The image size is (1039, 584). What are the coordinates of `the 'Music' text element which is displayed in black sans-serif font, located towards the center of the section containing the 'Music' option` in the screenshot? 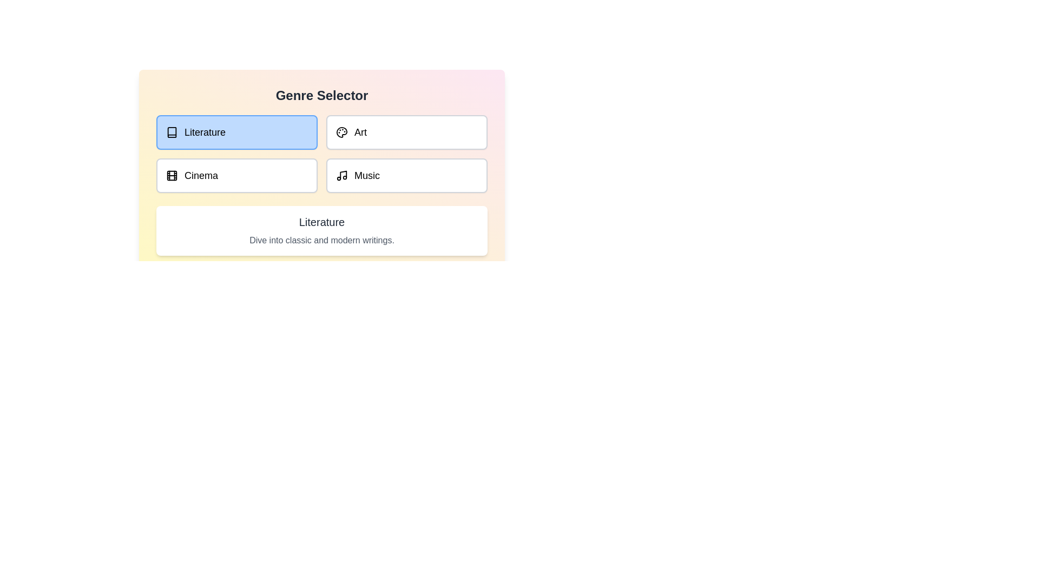 It's located at (367, 175).